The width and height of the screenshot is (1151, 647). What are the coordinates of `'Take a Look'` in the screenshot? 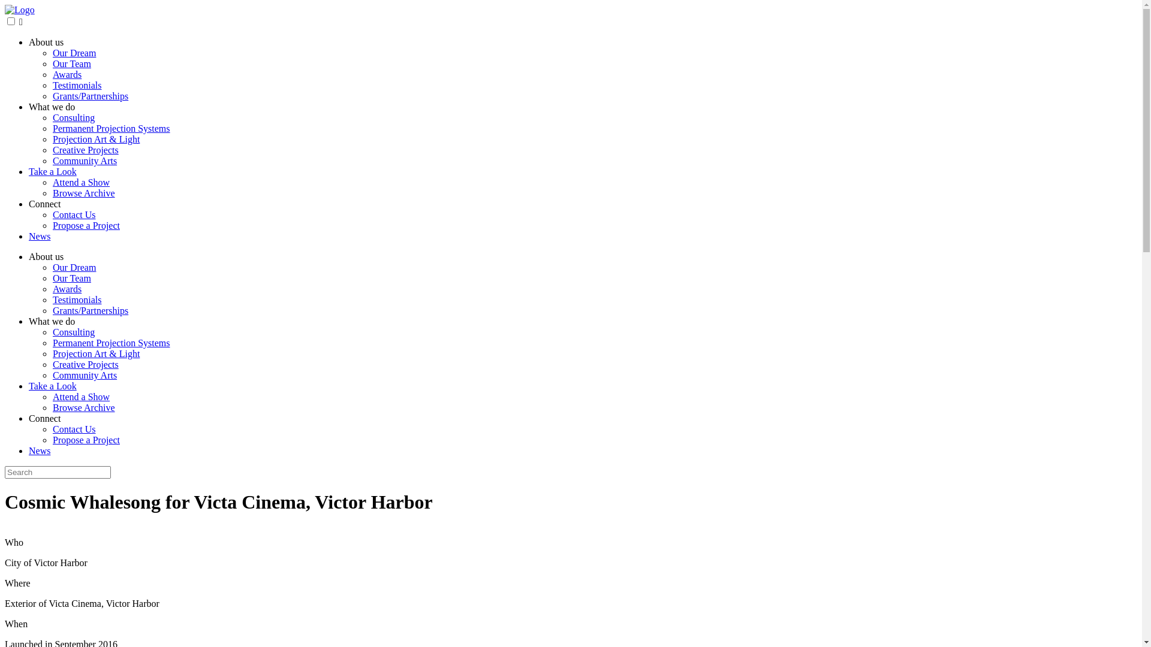 It's located at (52, 171).